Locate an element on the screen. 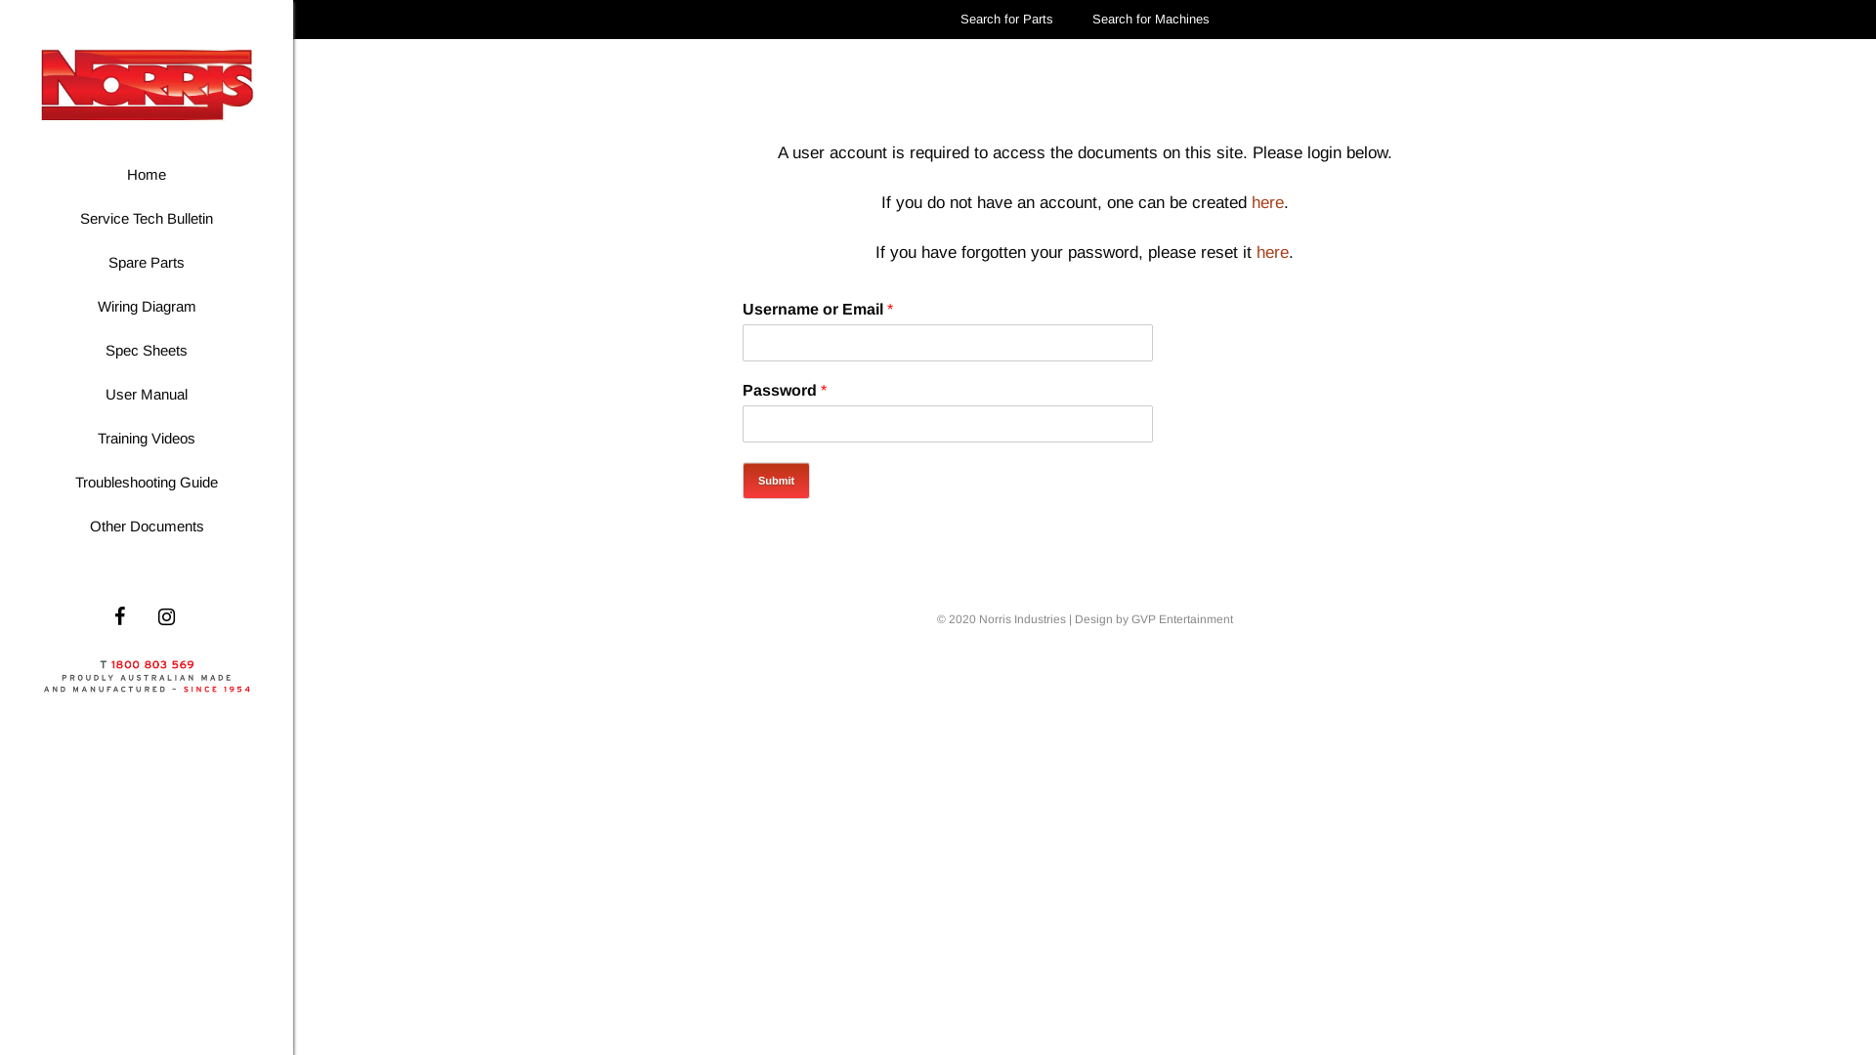 Image resolution: width=1876 pixels, height=1055 pixels. 'Search for Parts' is located at coordinates (1005, 19).